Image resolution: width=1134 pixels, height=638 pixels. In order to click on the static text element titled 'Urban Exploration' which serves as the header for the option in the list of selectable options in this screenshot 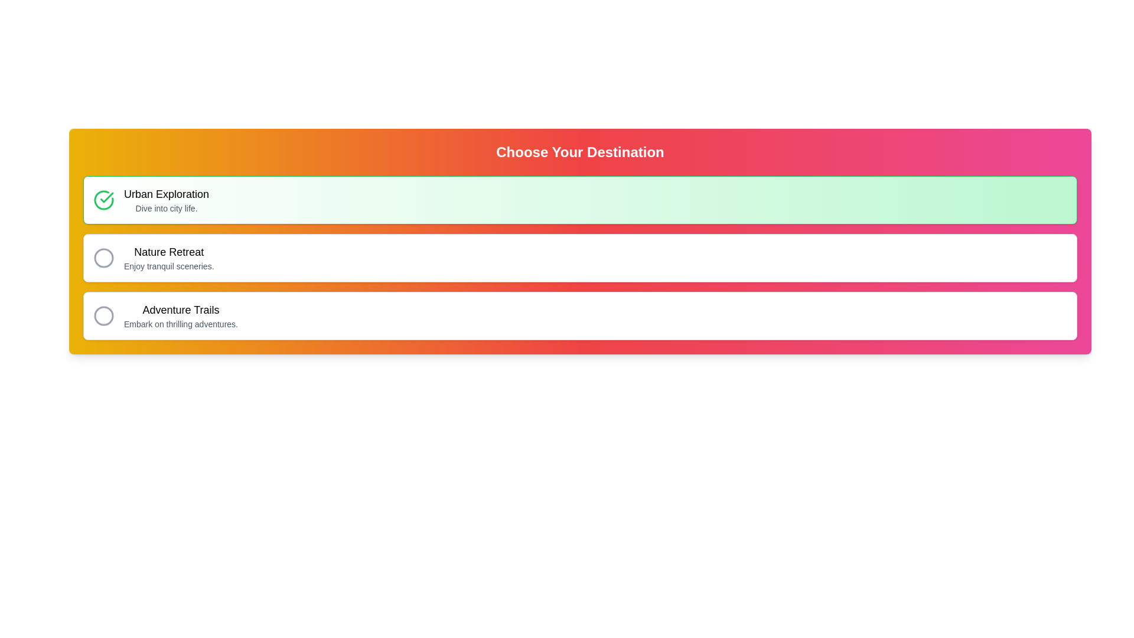, I will do `click(166, 193)`.